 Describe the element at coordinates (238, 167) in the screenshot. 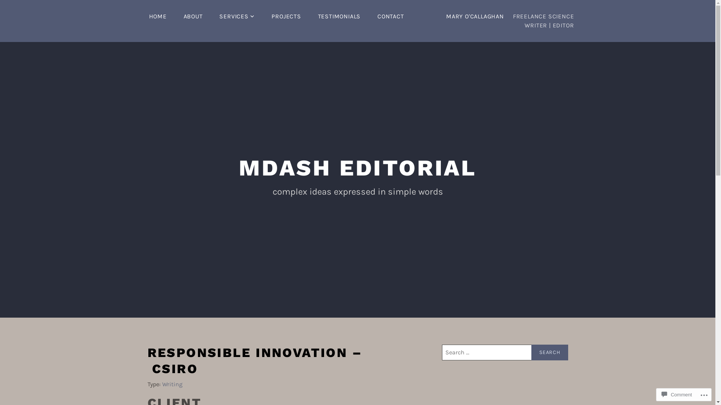

I see `'MDASH EDITORIAL'` at that location.